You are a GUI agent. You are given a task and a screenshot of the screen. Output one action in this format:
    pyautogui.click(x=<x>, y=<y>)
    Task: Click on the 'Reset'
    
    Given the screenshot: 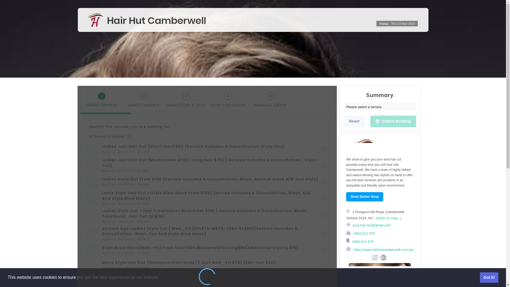 What is the action you would take?
    pyautogui.click(x=354, y=121)
    